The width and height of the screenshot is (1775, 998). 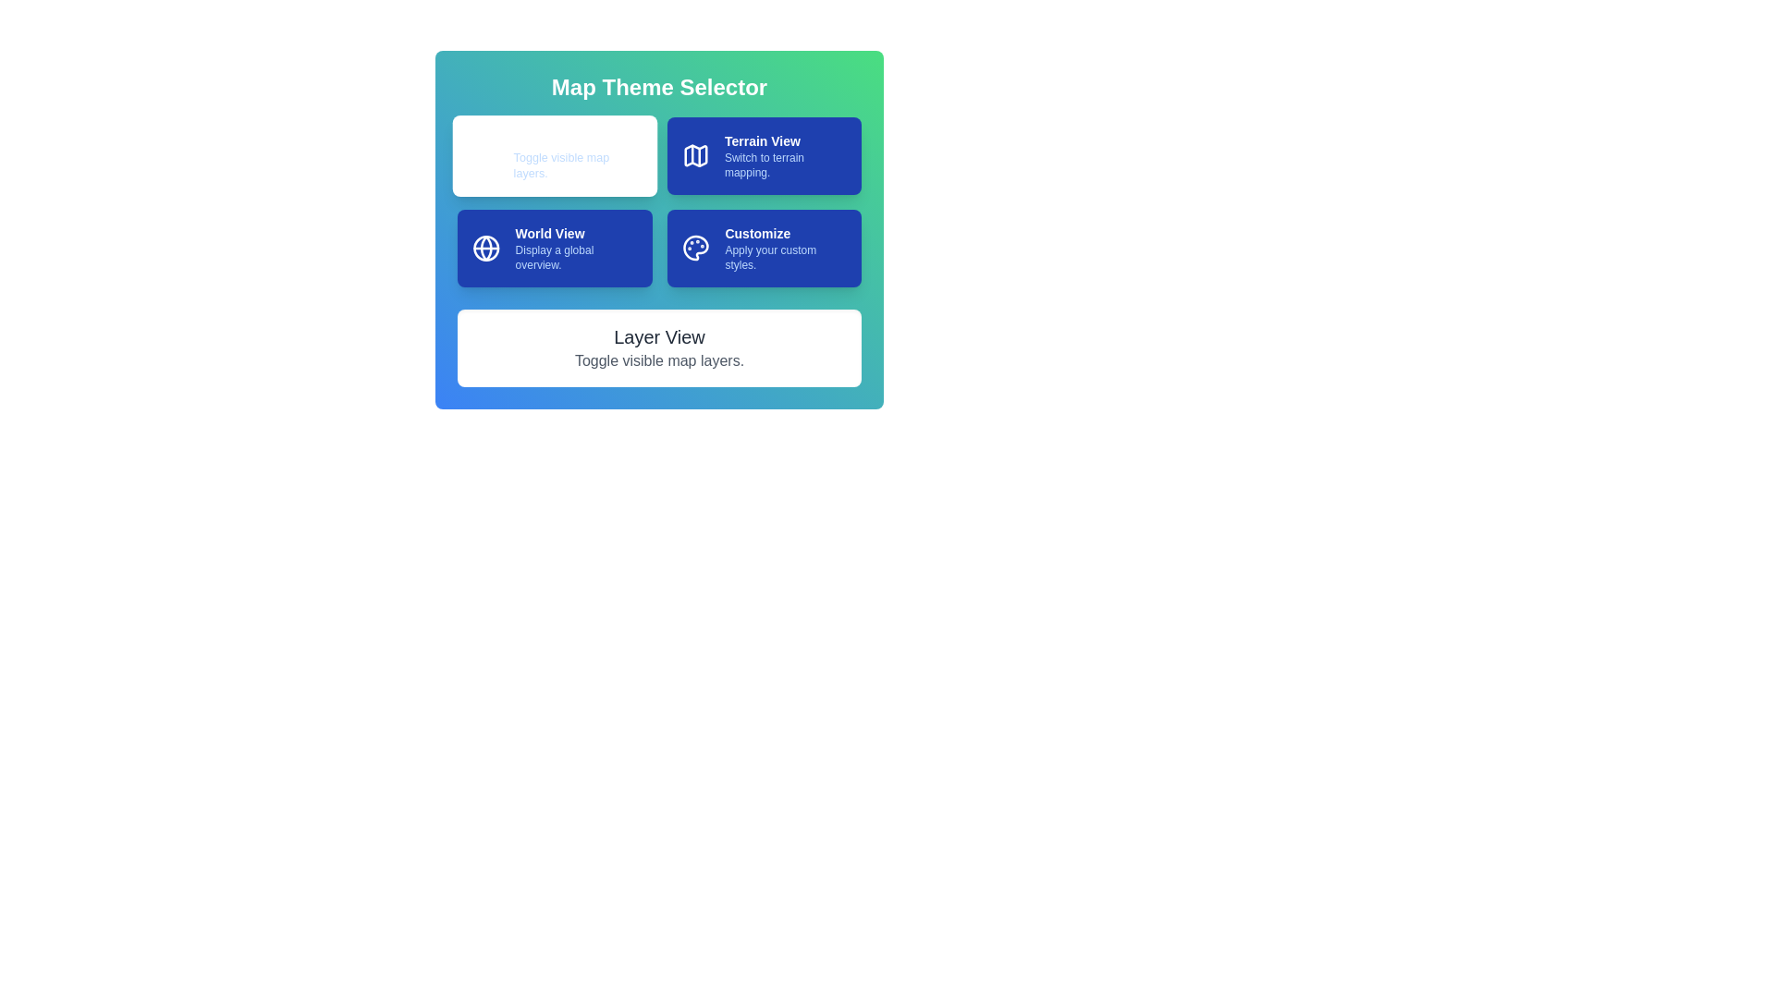 What do you see at coordinates (785, 155) in the screenshot?
I see `the informational text component that provides details about the 'Terrain View' map theme, located in the second column of the second row under the 'Map Theme Selector' heading` at bounding box center [785, 155].